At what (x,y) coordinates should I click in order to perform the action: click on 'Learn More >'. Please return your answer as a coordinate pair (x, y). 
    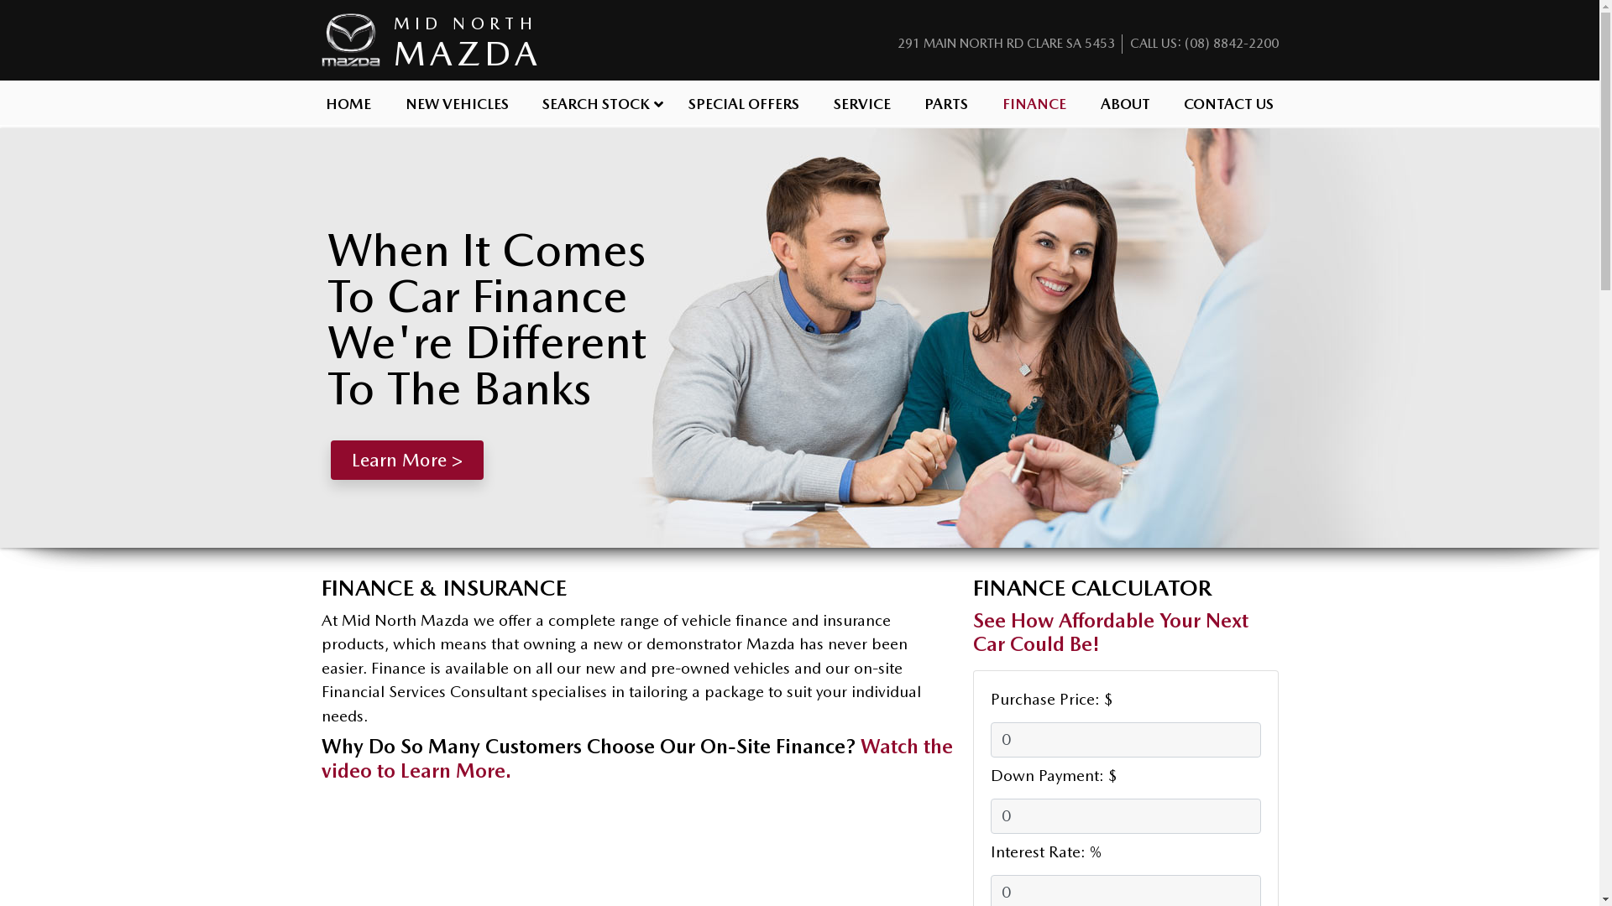
    Looking at the image, I should click on (406, 460).